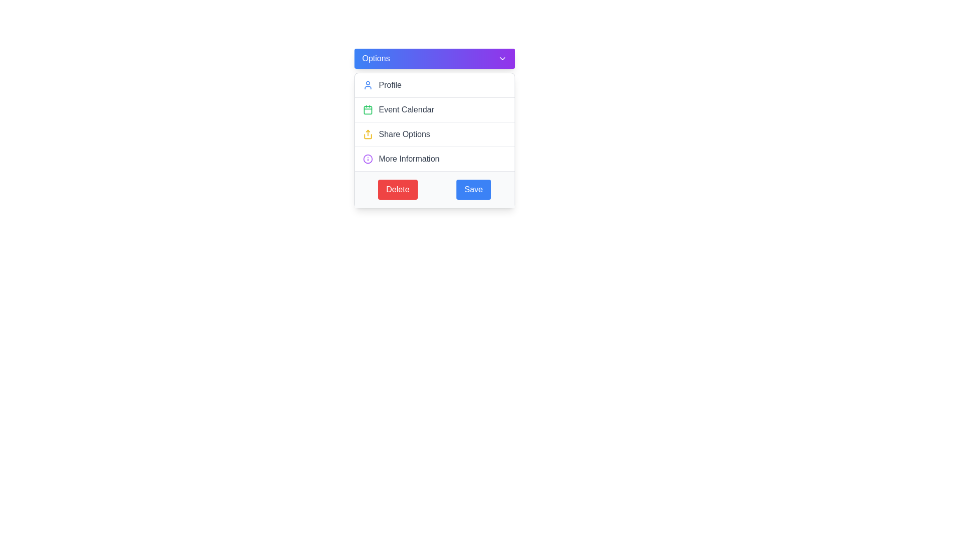  I want to click on 'Event Calendar' text label located as the second item in the vertical menu under the 'Options' dropdown, guiding the user towards calendar-related features, so click(406, 110).